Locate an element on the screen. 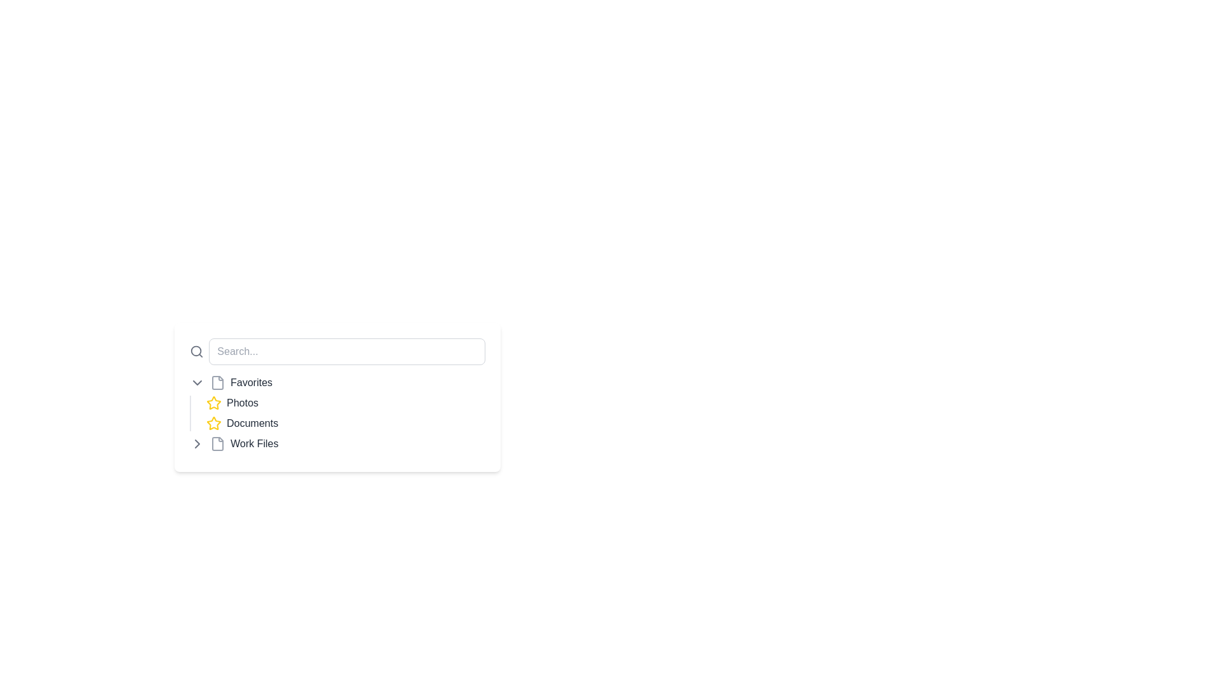 The width and height of the screenshot is (1223, 687). the file icon that resembles a common document with a folded corner, located next to the 'Work Files' label is located at coordinates (217, 443).